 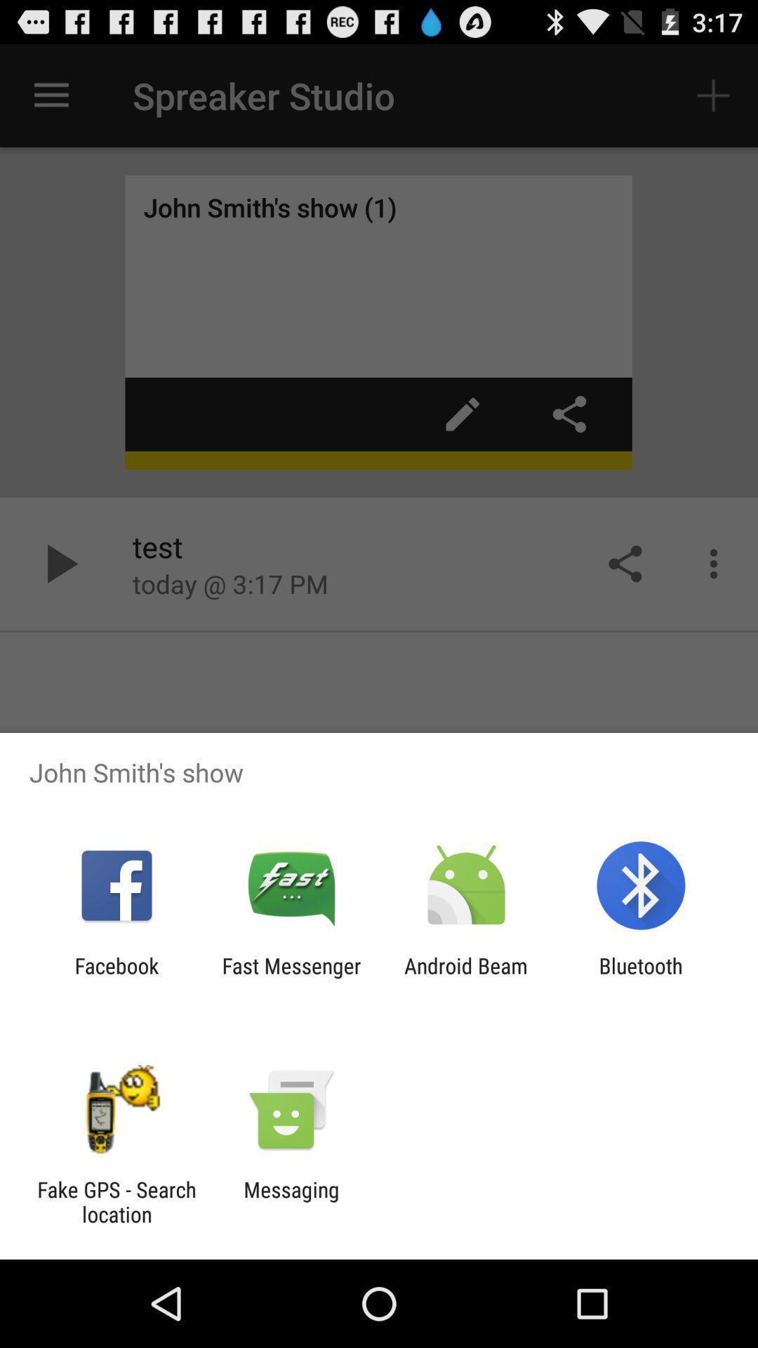 I want to click on the icon next to android beam, so click(x=641, y=977).